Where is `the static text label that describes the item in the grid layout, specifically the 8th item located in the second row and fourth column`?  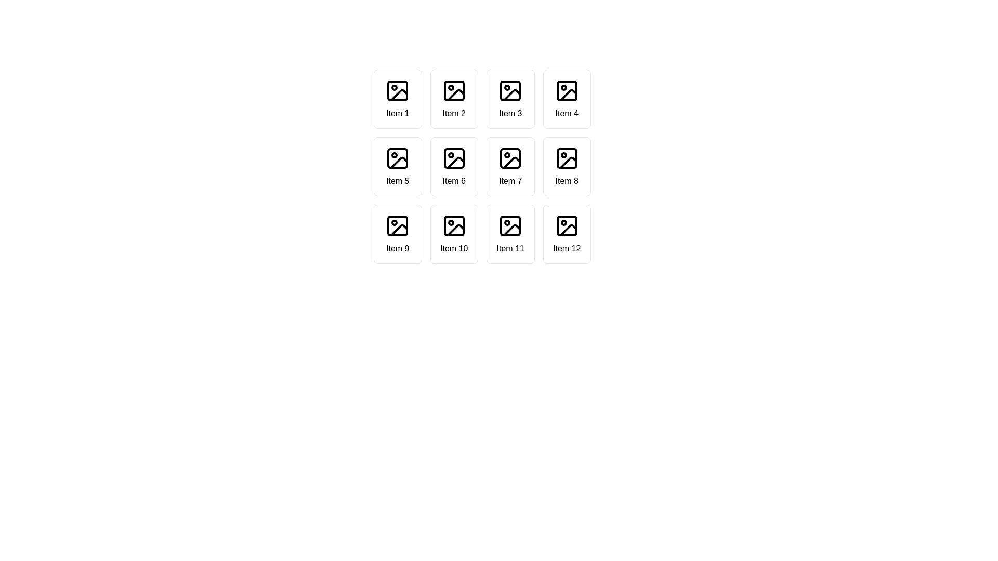 the static text label that describes the item in the grid layout, specifically the 8th item located in the second row and fourth column is located at coordinates (566, 180).